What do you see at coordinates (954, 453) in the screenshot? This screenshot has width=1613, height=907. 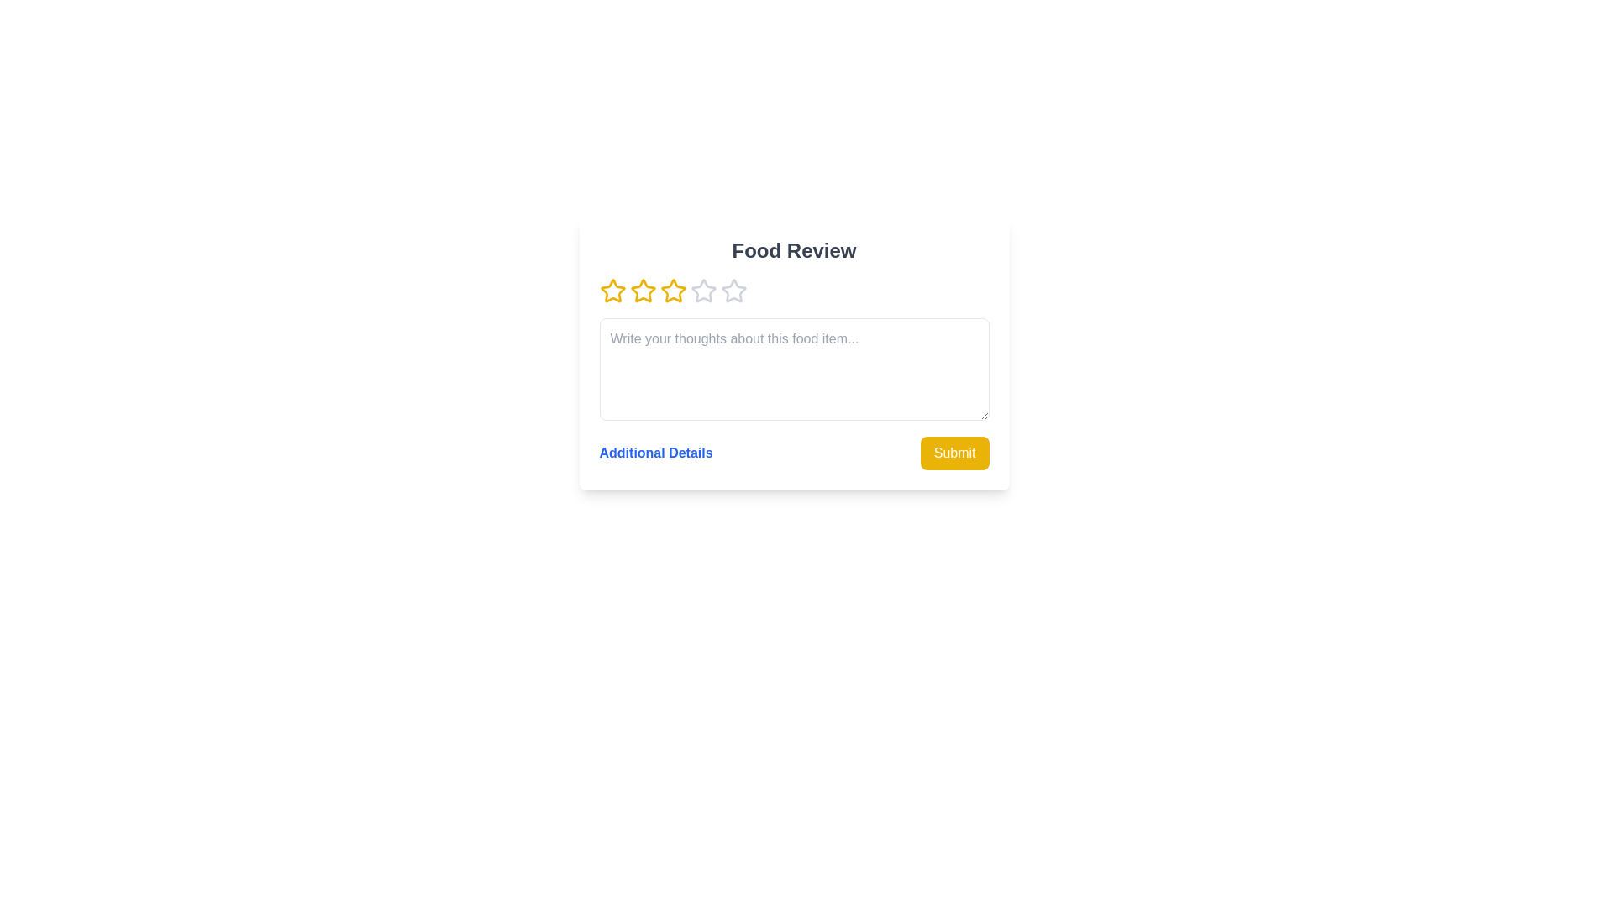 I see `the 'Submit' button to submit the review` at bounding box center [954, 453].